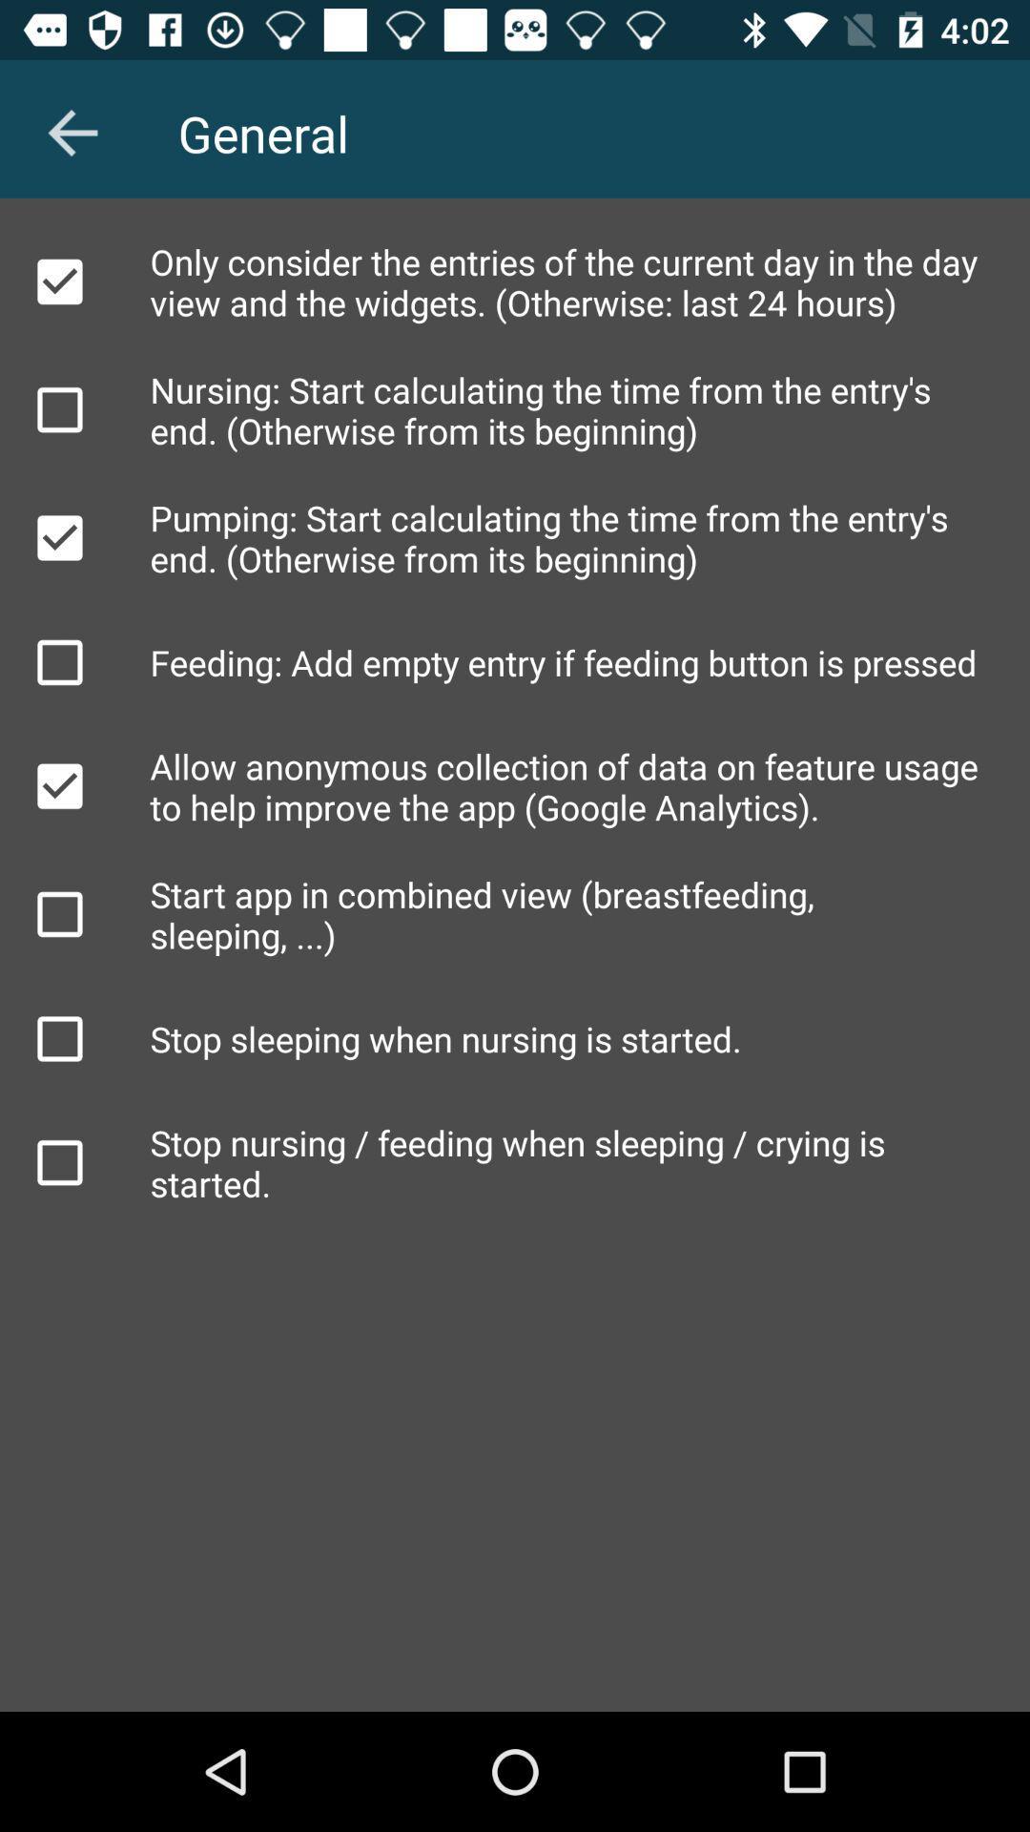 This screenshot has height=1832, width=1030. I want to click on item, so click(58, 913).